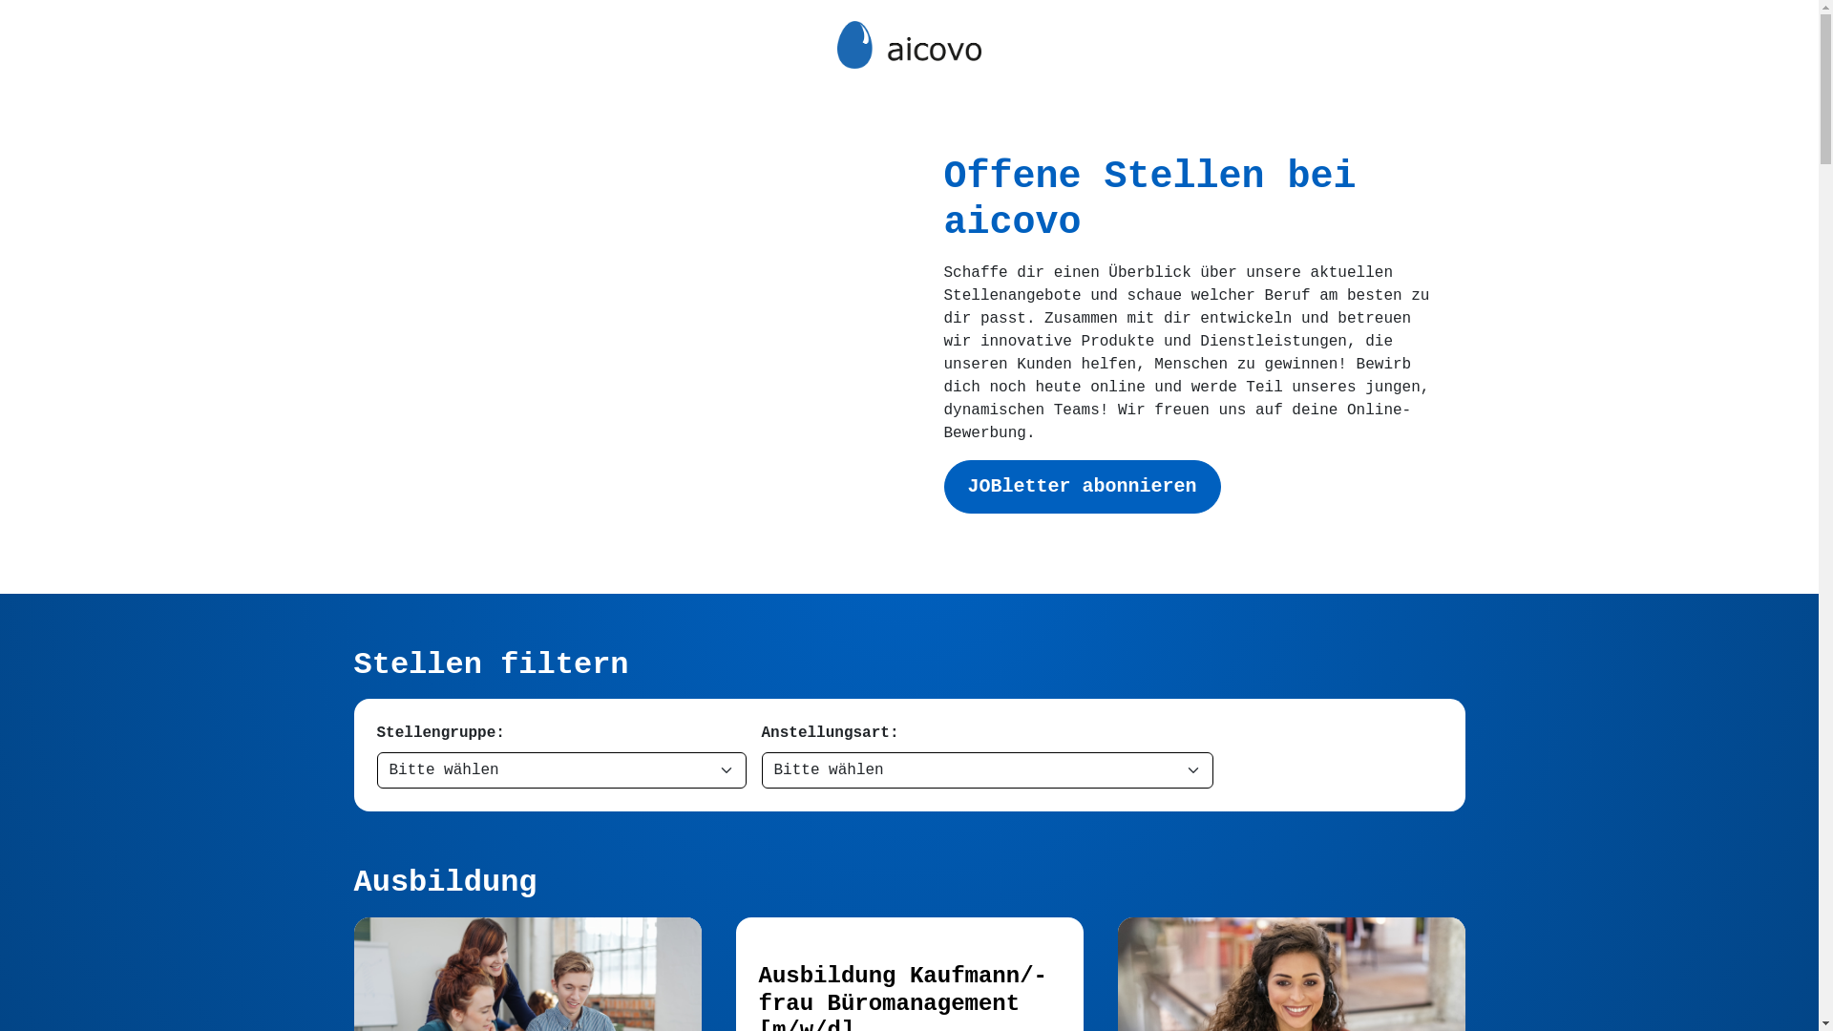 The width and height of the screenshot is (1833, 1031). I want to click on 'JOBletter abonnieren', so click(1081, 485).